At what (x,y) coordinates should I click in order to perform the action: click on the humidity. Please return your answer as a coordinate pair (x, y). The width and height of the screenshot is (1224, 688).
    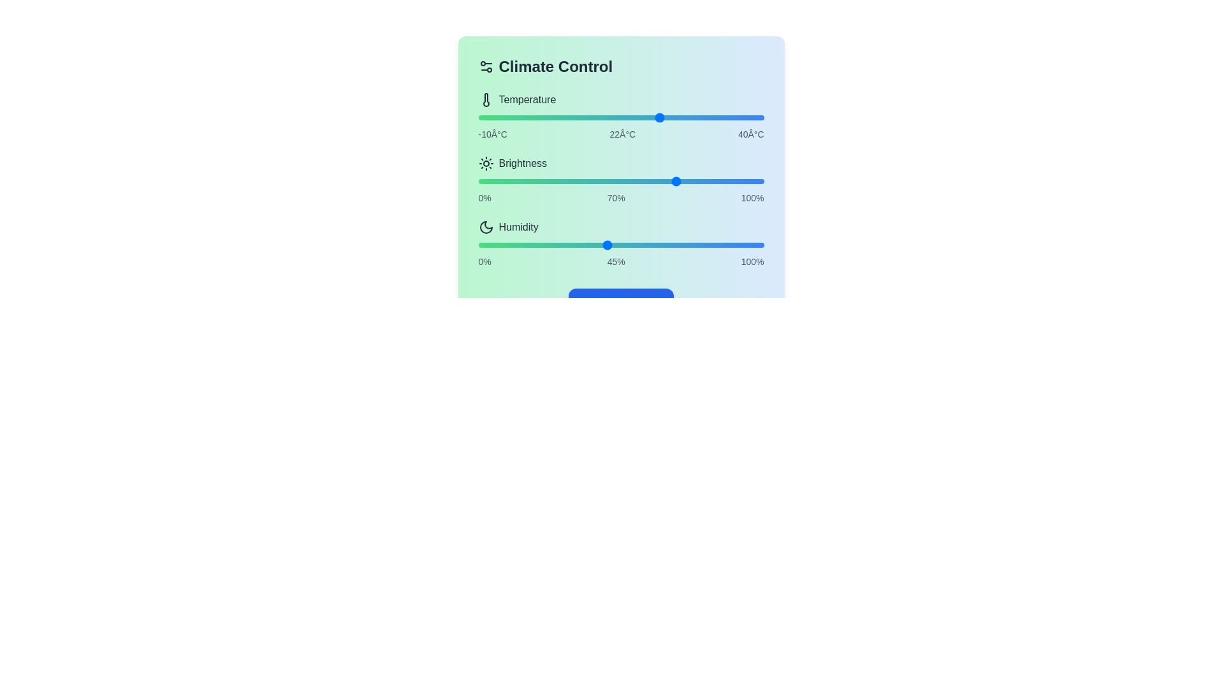
    Looking at the image, I should click on (544, 245).